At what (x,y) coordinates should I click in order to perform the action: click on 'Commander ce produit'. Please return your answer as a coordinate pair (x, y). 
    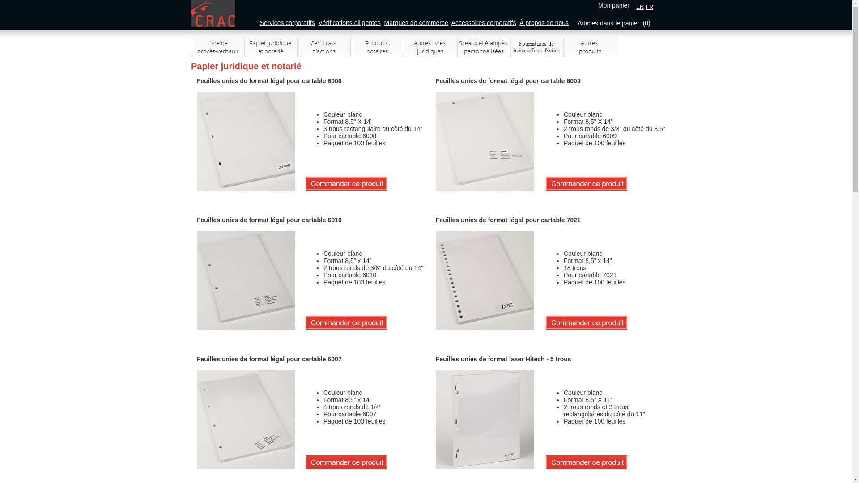
    Looking at the image, I should click on (345, 462).